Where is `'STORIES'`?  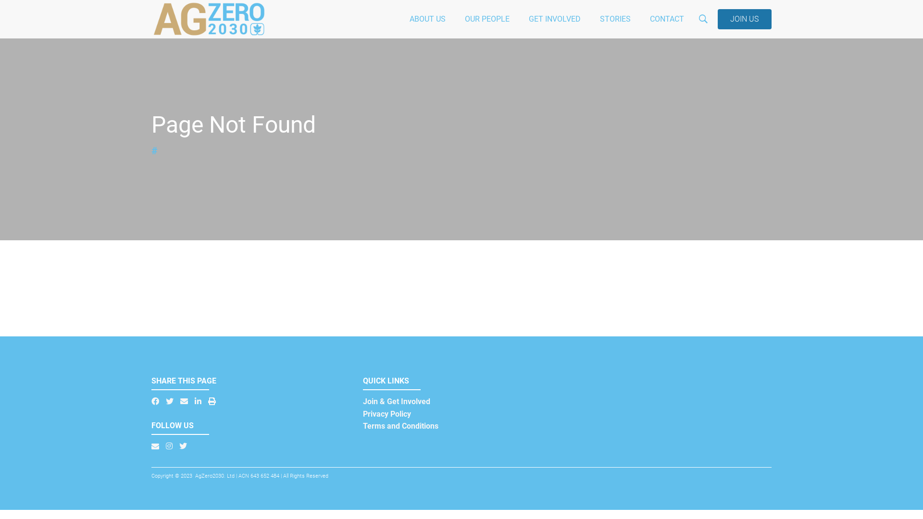
'STORIES' is located at coordinates (615, 19).